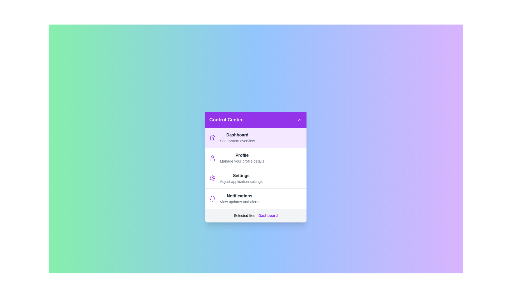  I want to click on the menu item Profile from the list, so click(256, 157).